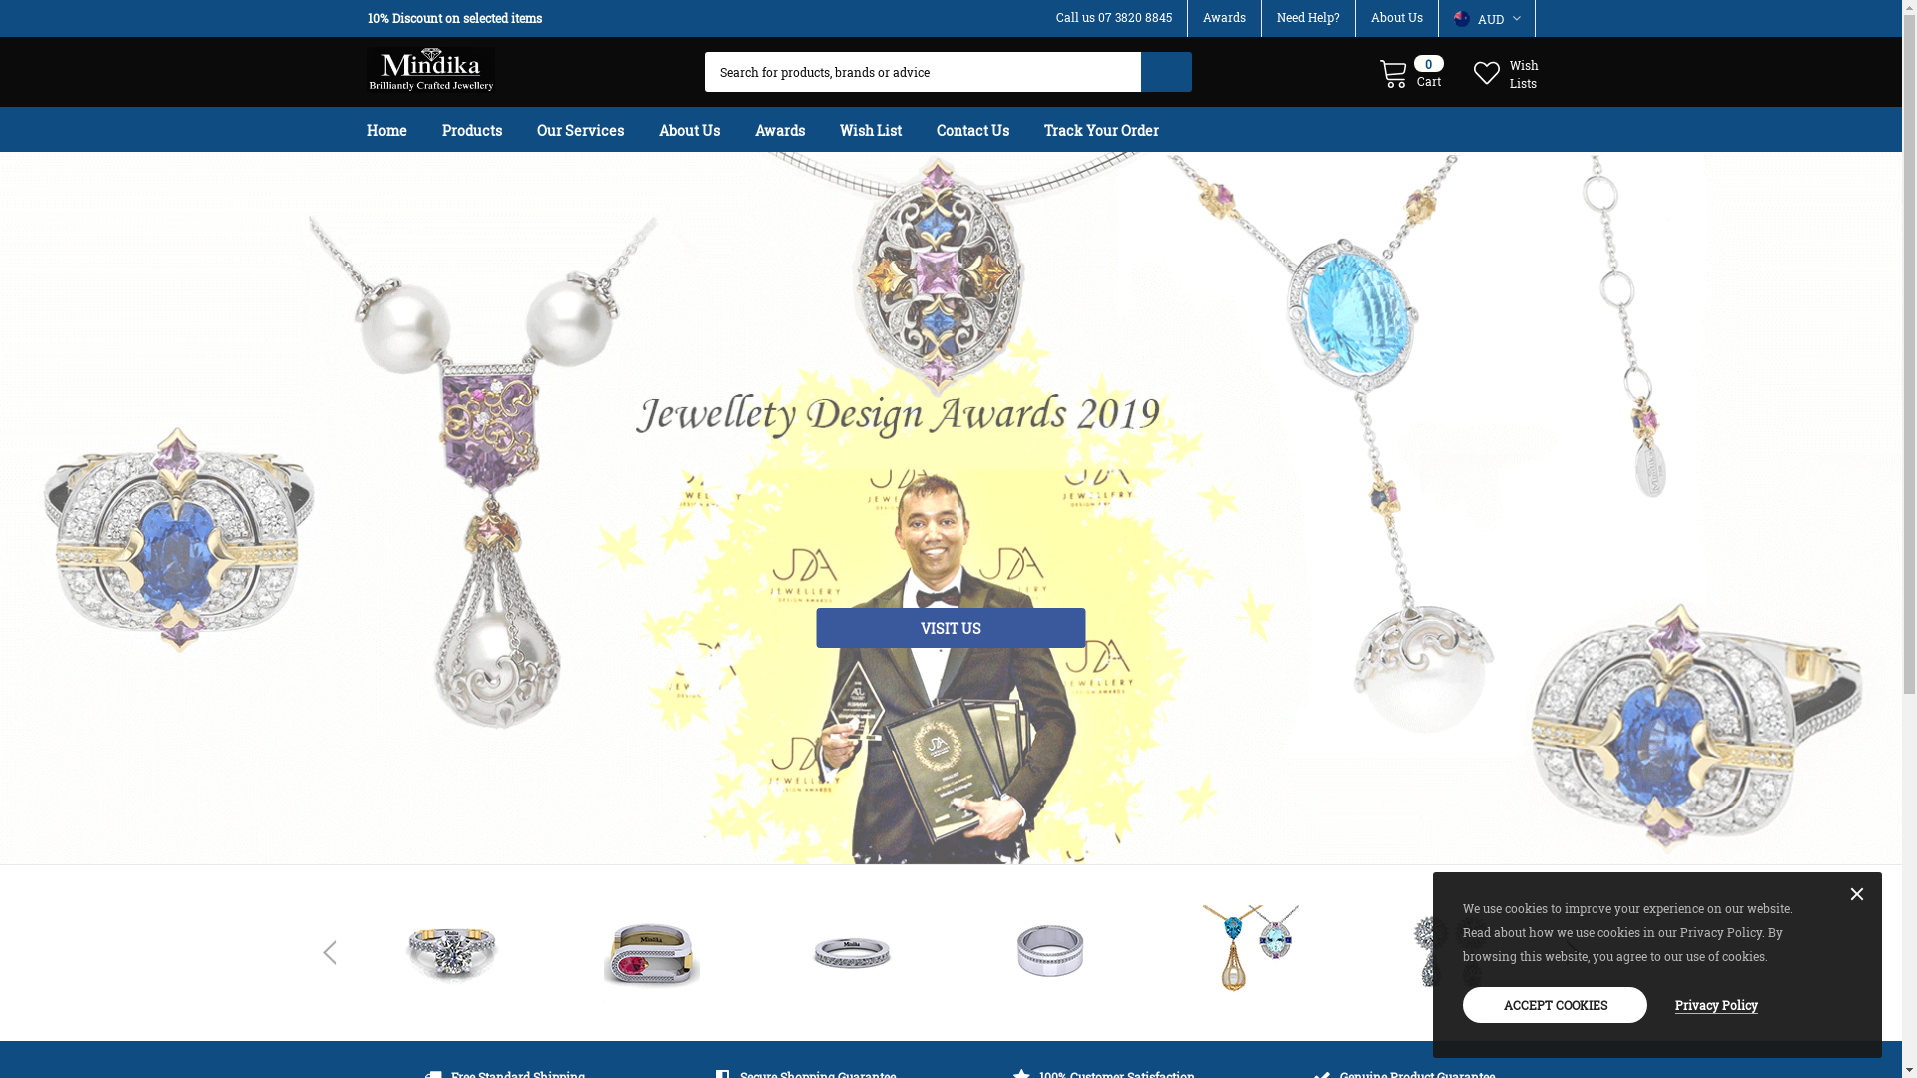  Describe the element at coordinates (988, 129) in the screenshot. I see `'Contact Us'` at that location.